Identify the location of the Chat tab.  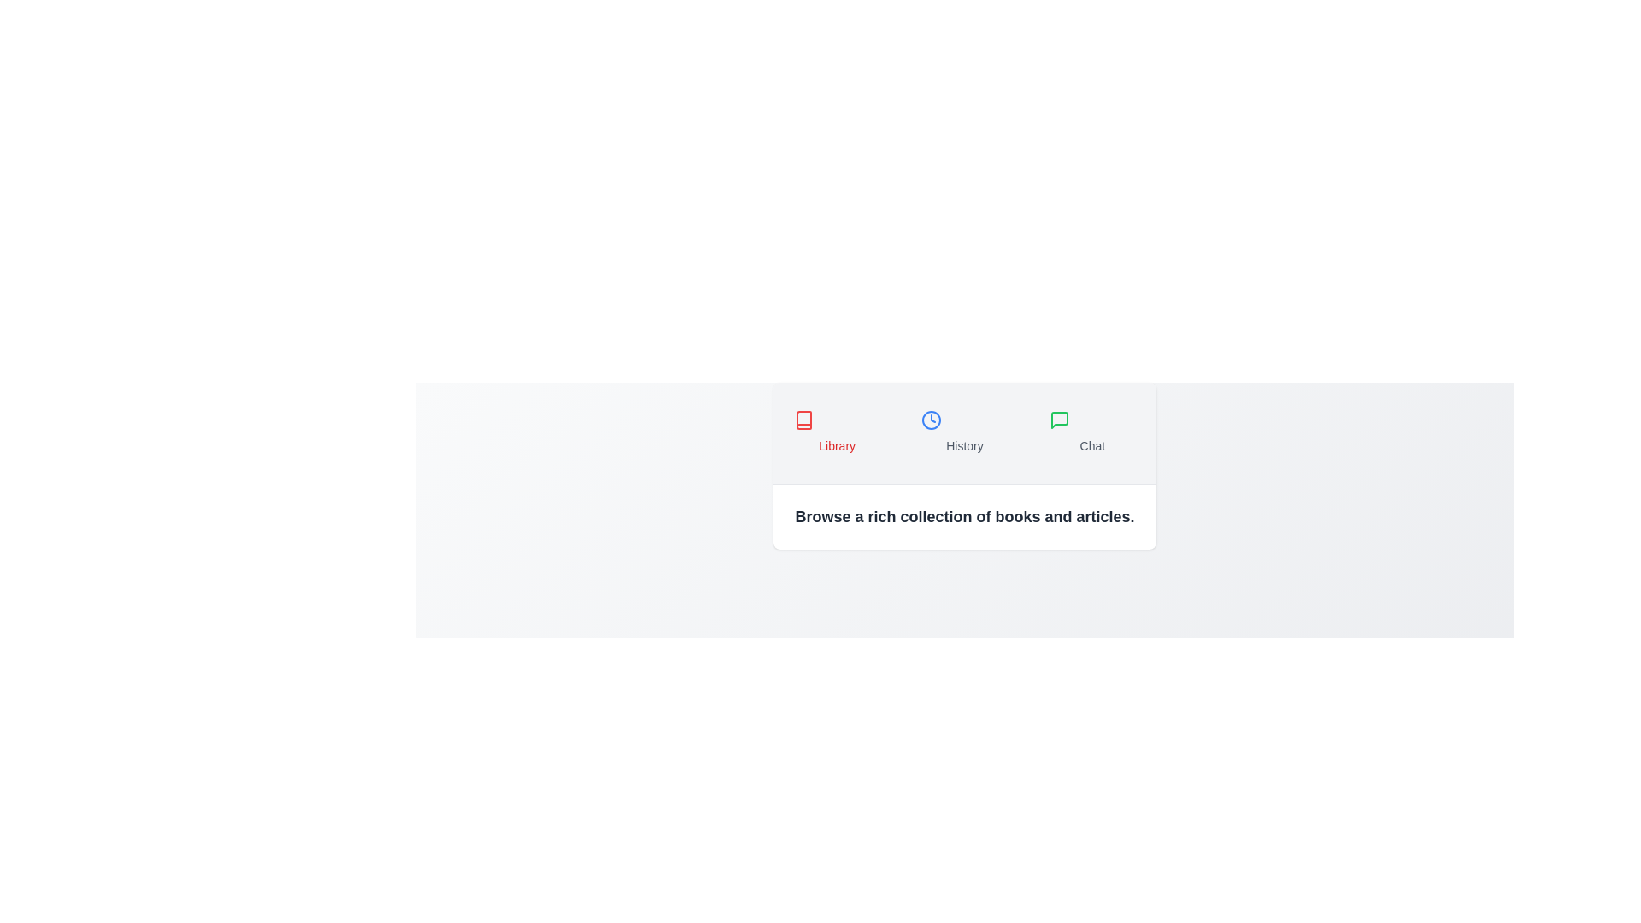
(1091, 432).